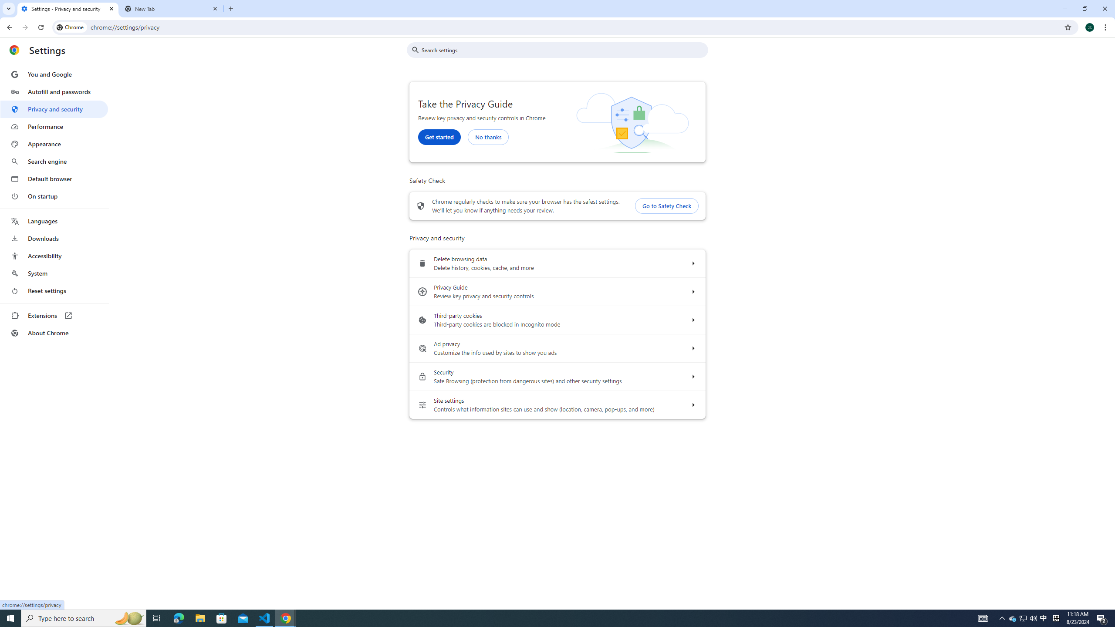 The height and width of the screenshot is (627, 1115). What do you see at coordinates (54, 179) in the screenshot?
I see `'Default browser'` at bounding box center [54, 179].